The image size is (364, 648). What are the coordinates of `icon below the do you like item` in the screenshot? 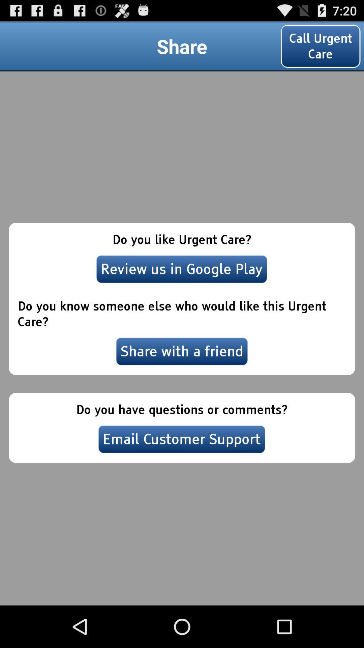 It's located at (181, 269).